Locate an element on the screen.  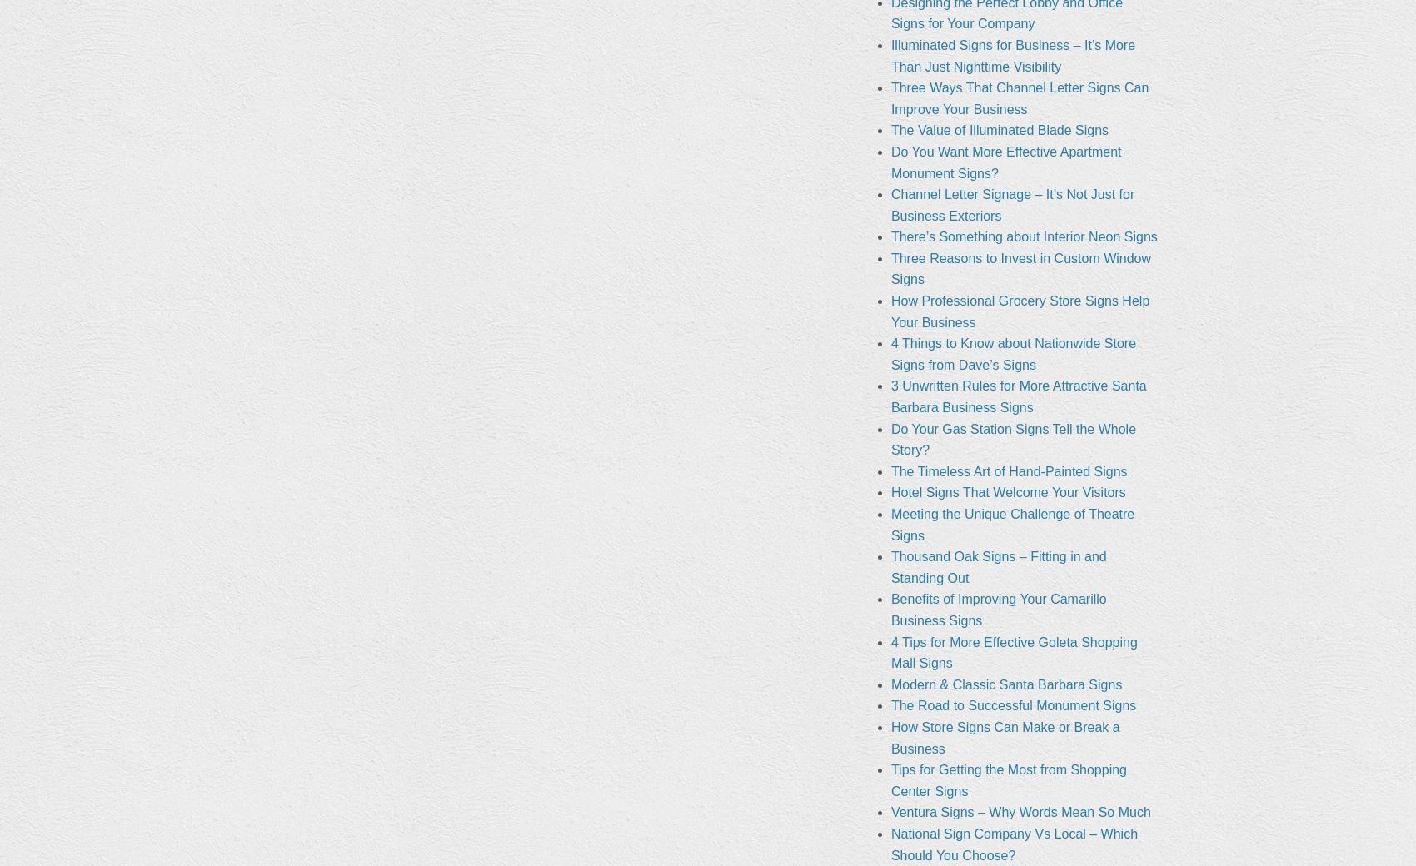
'Benefits of Improving Your Camarillo Business Signs' is located at coordinates (997, 609).